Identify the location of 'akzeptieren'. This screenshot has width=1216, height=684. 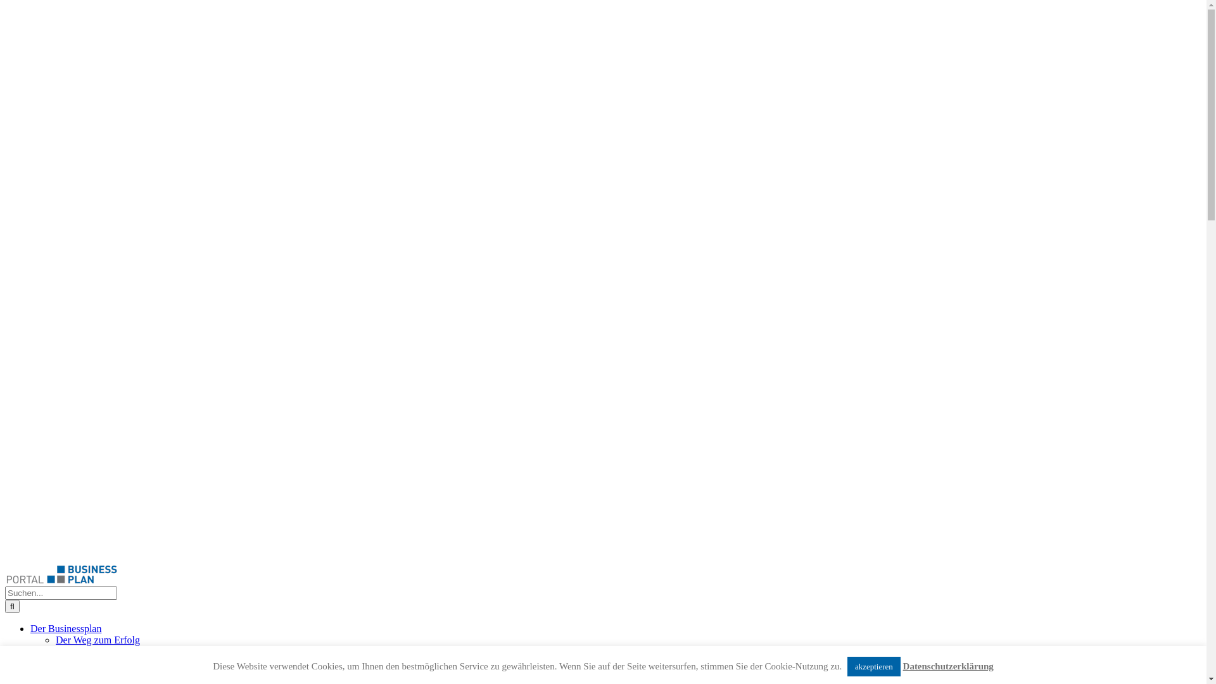
(873, 666).